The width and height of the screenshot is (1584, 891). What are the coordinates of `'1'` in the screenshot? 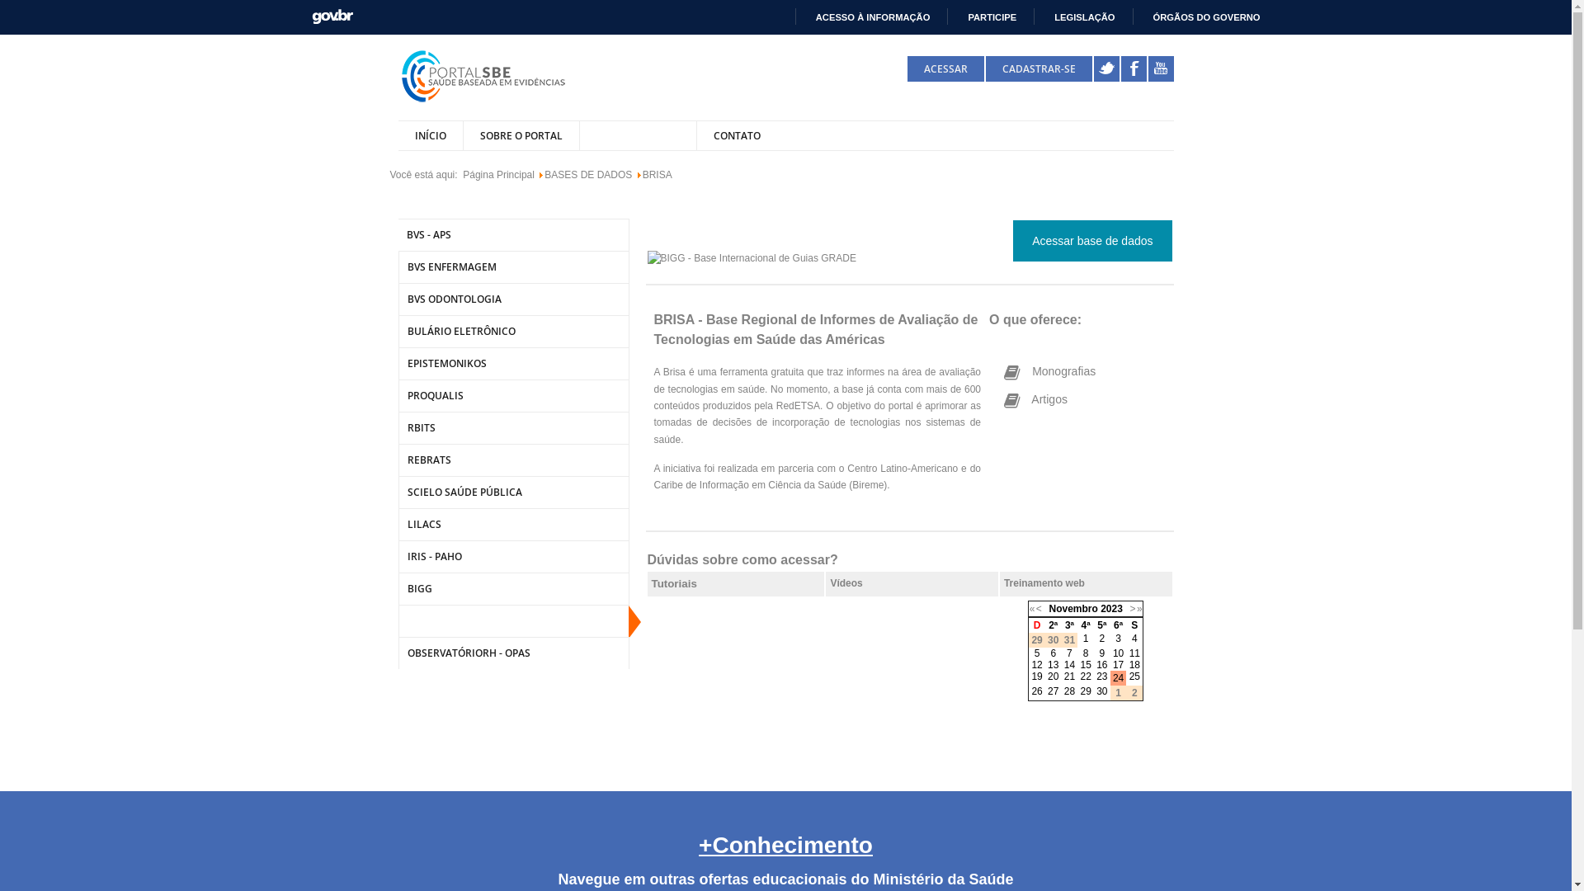 It's located at (1086, 638).